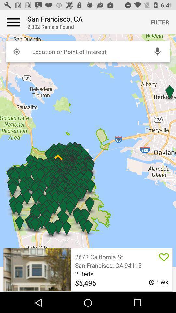 This screenshot has width=176, height=313. What do you see at coordinates (164, 257) in the screenshot?
I see `the favorite icon` at bounding box center [164, 257].